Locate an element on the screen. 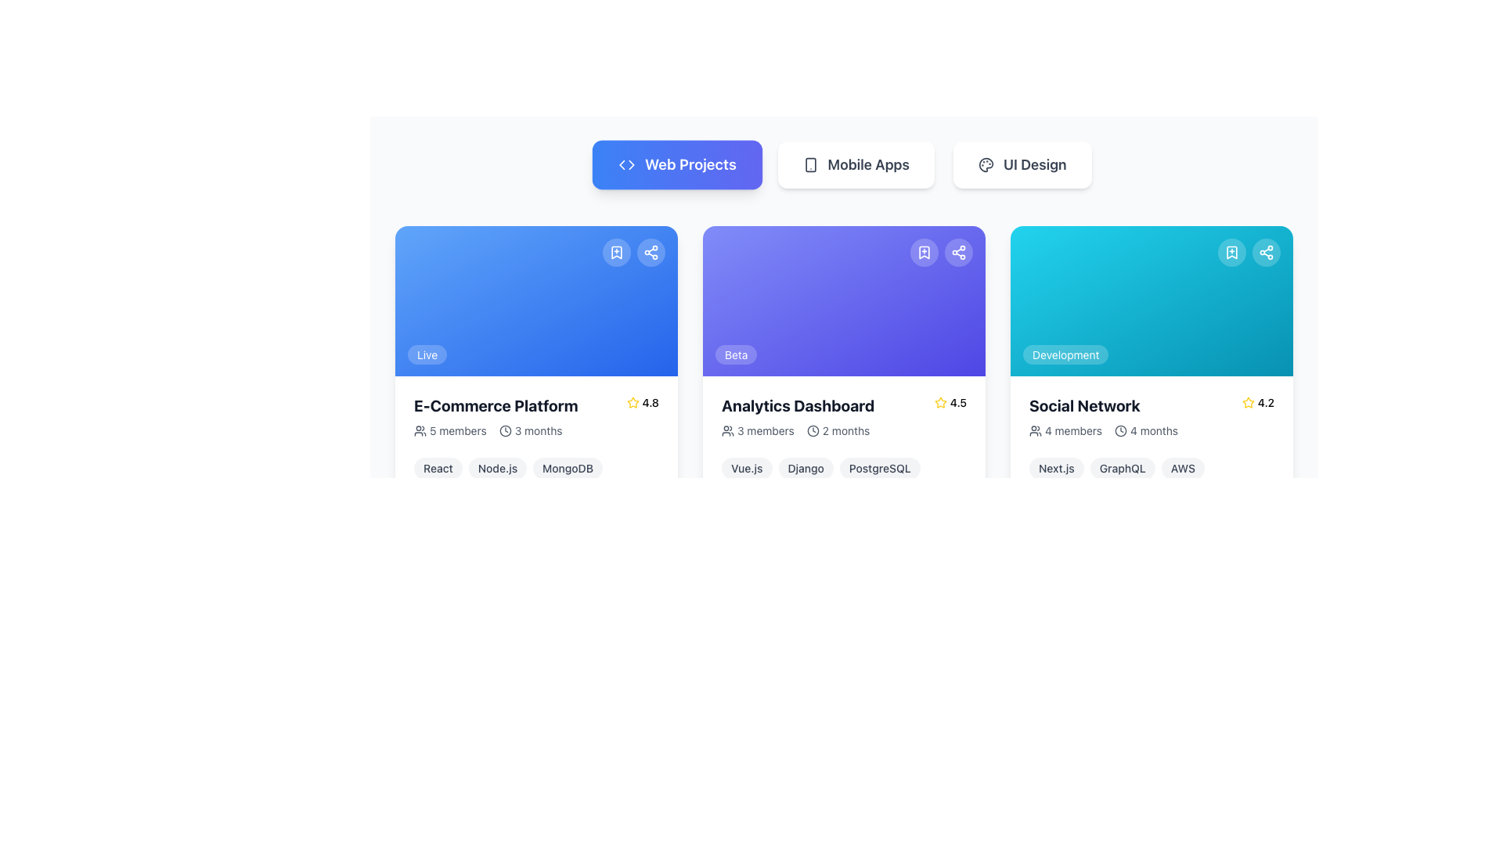 The width and height of the screenshot is (1503, 845). the label indicating the association of the 'AWS' technology or platform located in the bottom section of the card labeled 'Social Network', positioned as the third element in a row of labels following 'Next.js' and 'GraphQL' is located at coordinates (1183, 467).